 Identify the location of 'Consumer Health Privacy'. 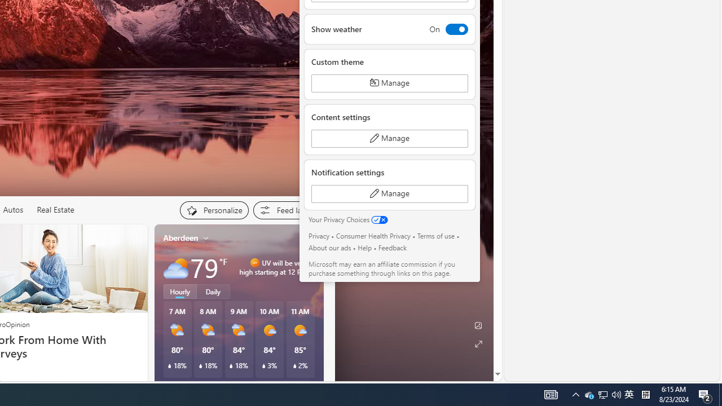
(373, 235).